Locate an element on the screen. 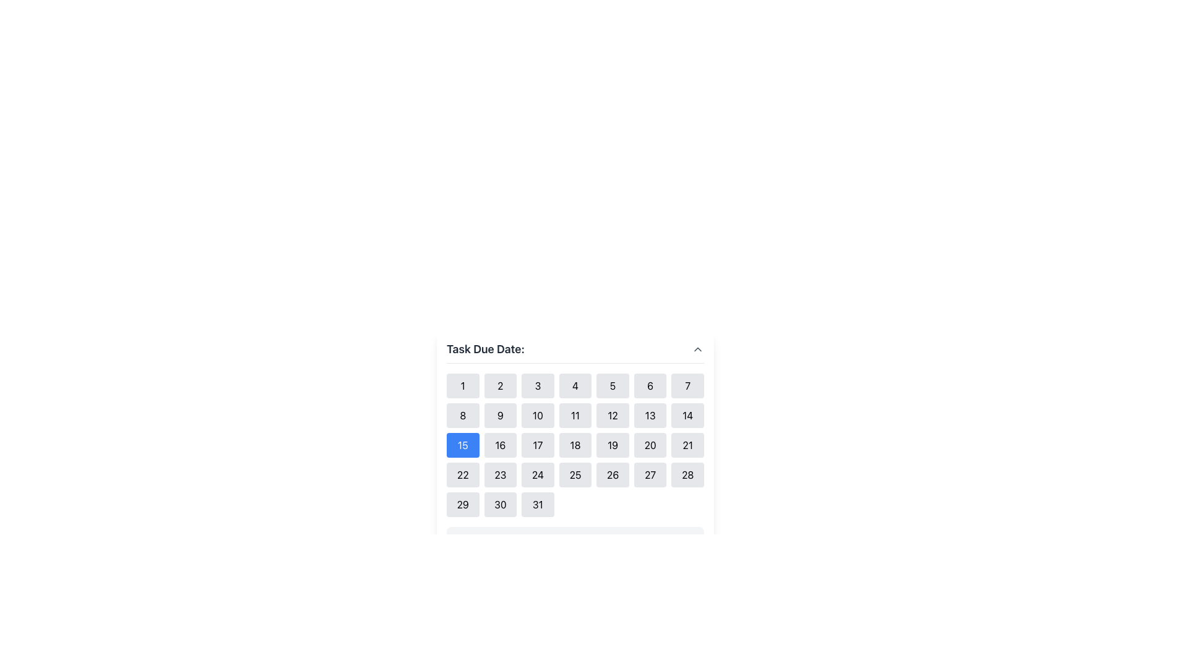 Image resolution: width=1188 pixels, height=668 pixels. the button located in the top-left corner of the calendar grid is located at coordinates (462, 385).